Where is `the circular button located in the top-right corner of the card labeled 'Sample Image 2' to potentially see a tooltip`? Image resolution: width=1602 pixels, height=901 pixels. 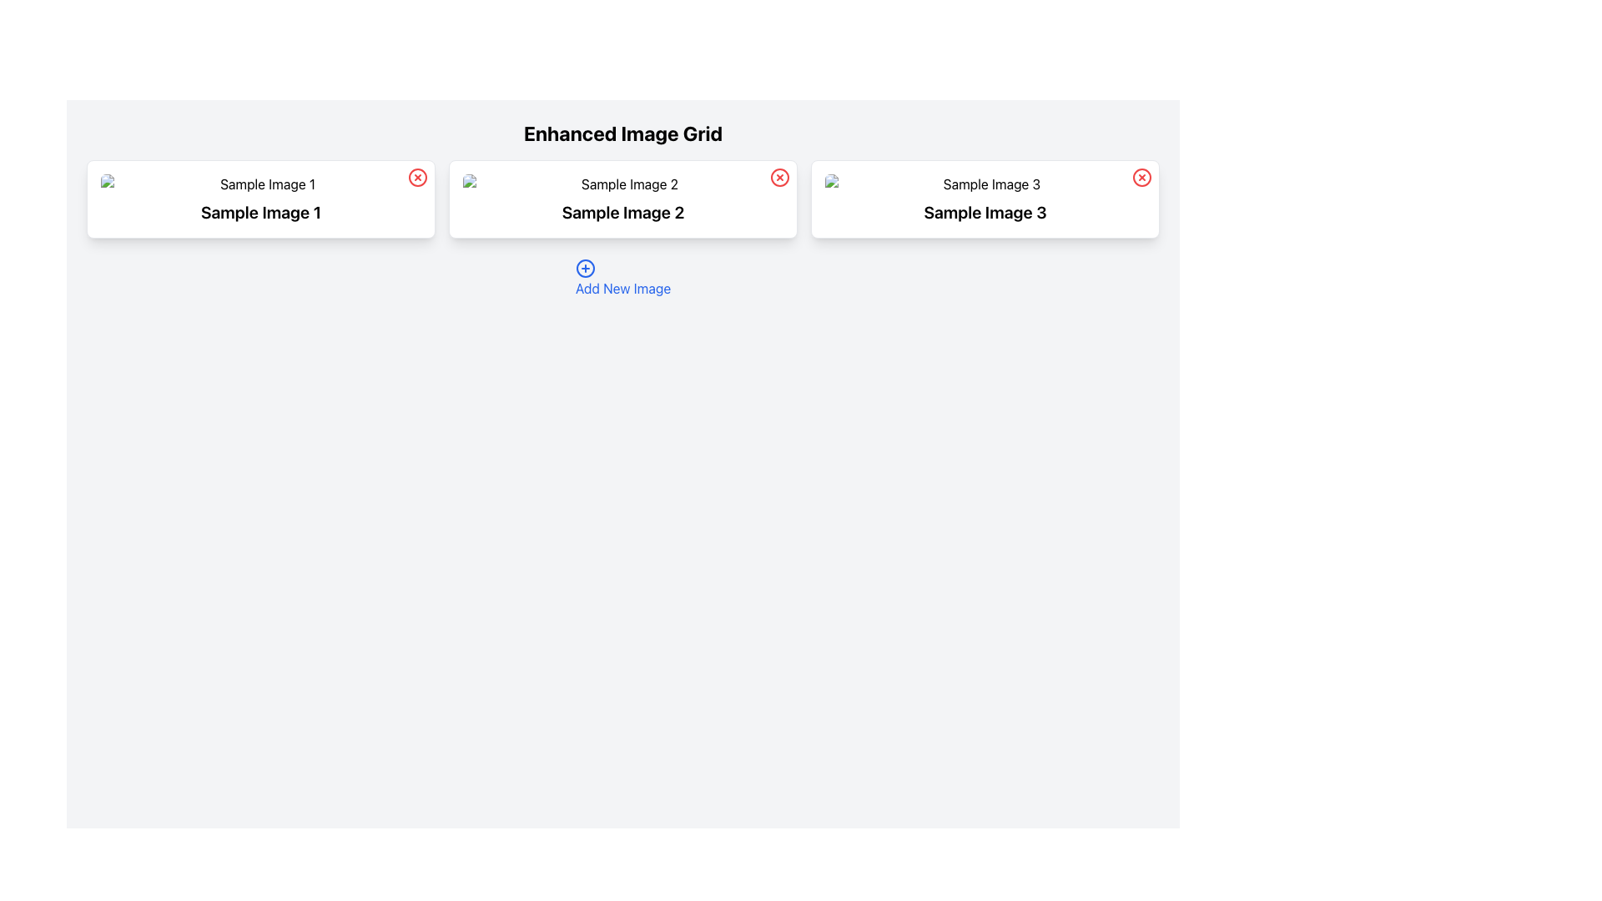
the circular button located in the top-right corner of the card labeled 'Sample Image 2' to potentially see a tooltip is located at coordinates (779, 177).